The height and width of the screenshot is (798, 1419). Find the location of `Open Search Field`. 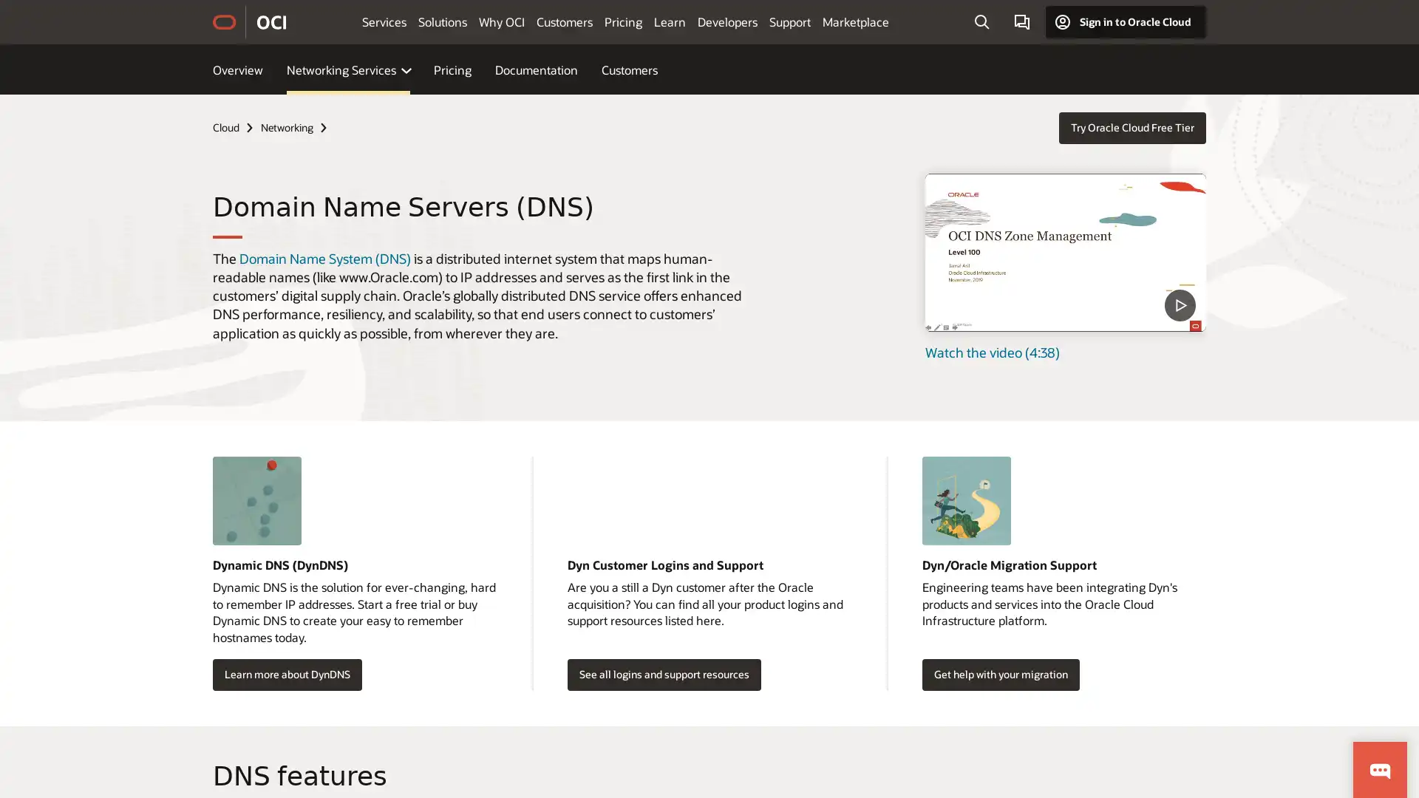

Open Search Field is located at coordinates (981, 22).